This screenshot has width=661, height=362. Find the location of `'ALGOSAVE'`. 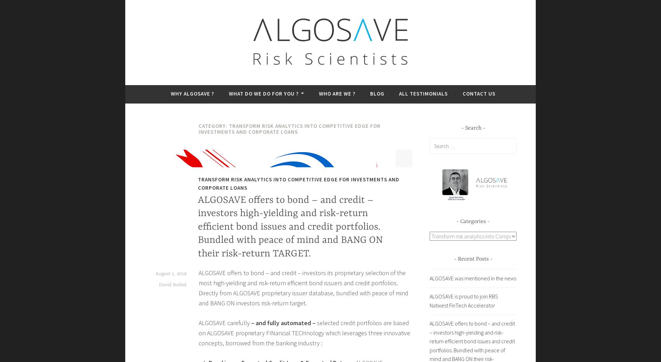

'ALGOSAVE' is located at coordinates (179, 82).